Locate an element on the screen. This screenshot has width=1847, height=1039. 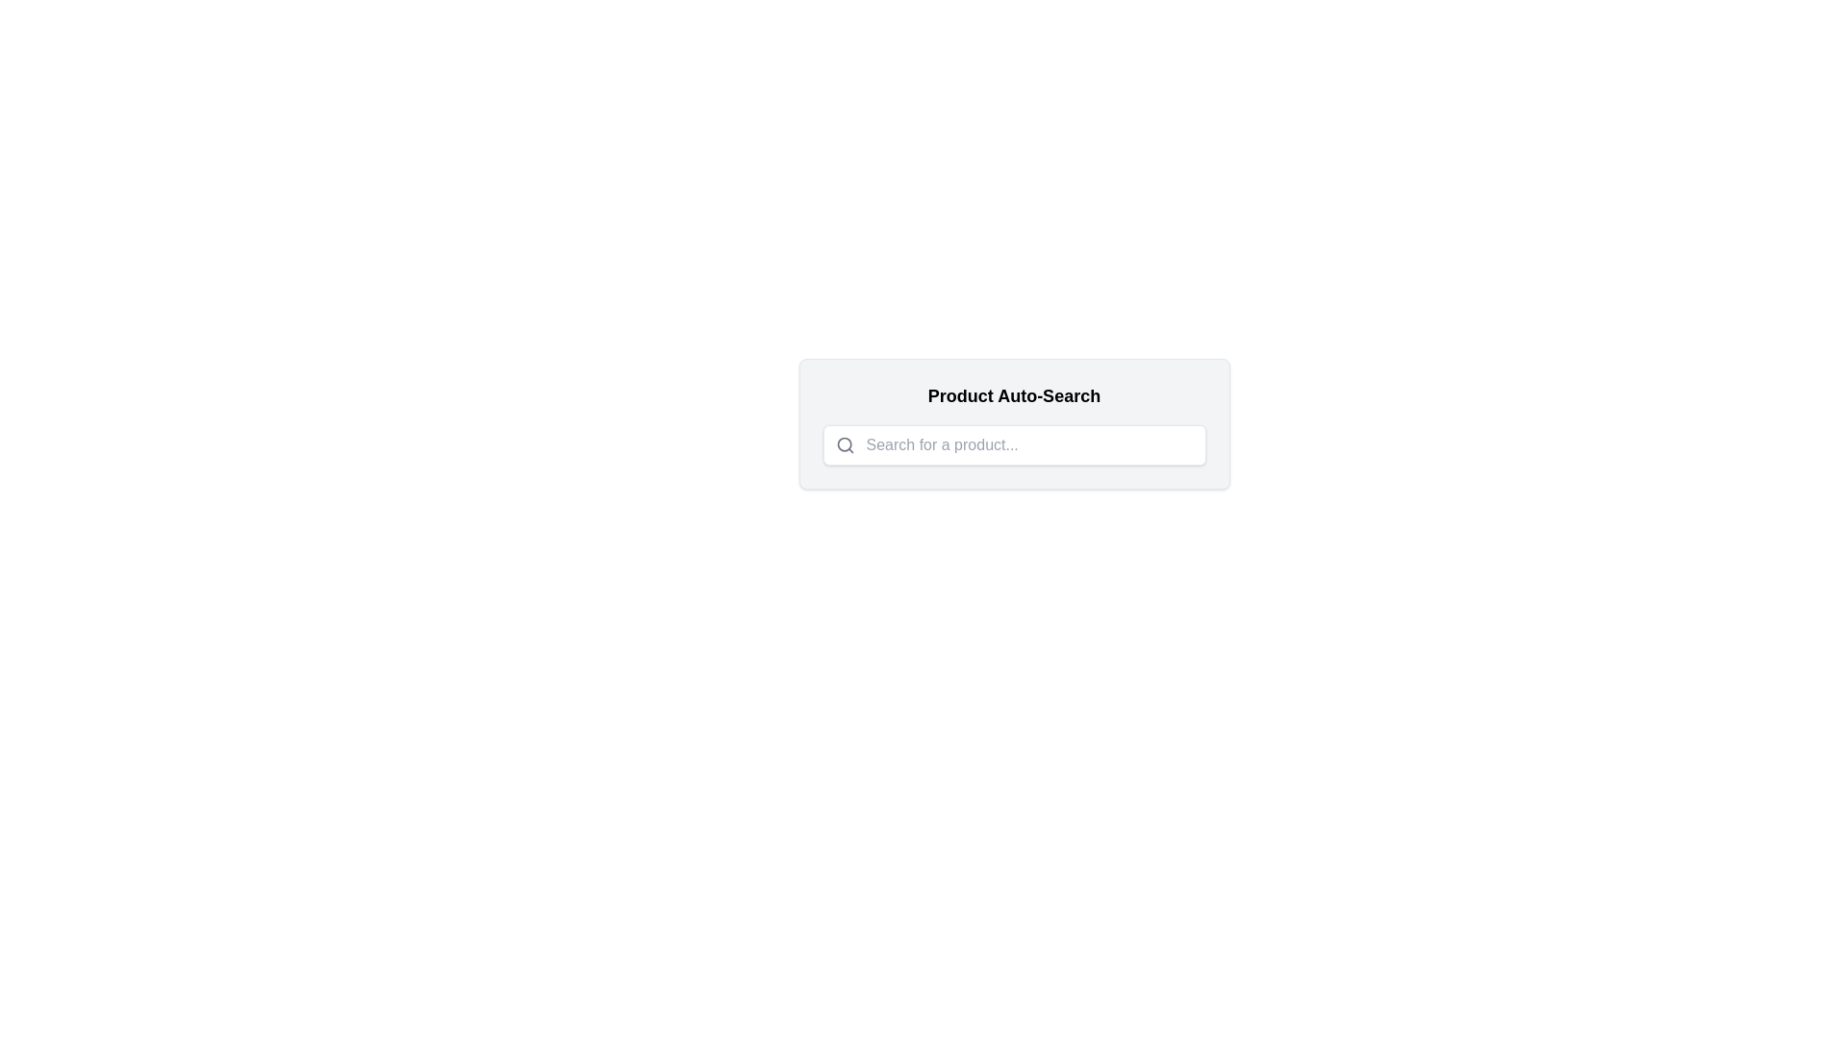
the small gray magnifying glass icon, which represents the search function is located at coordinates (845, 444).